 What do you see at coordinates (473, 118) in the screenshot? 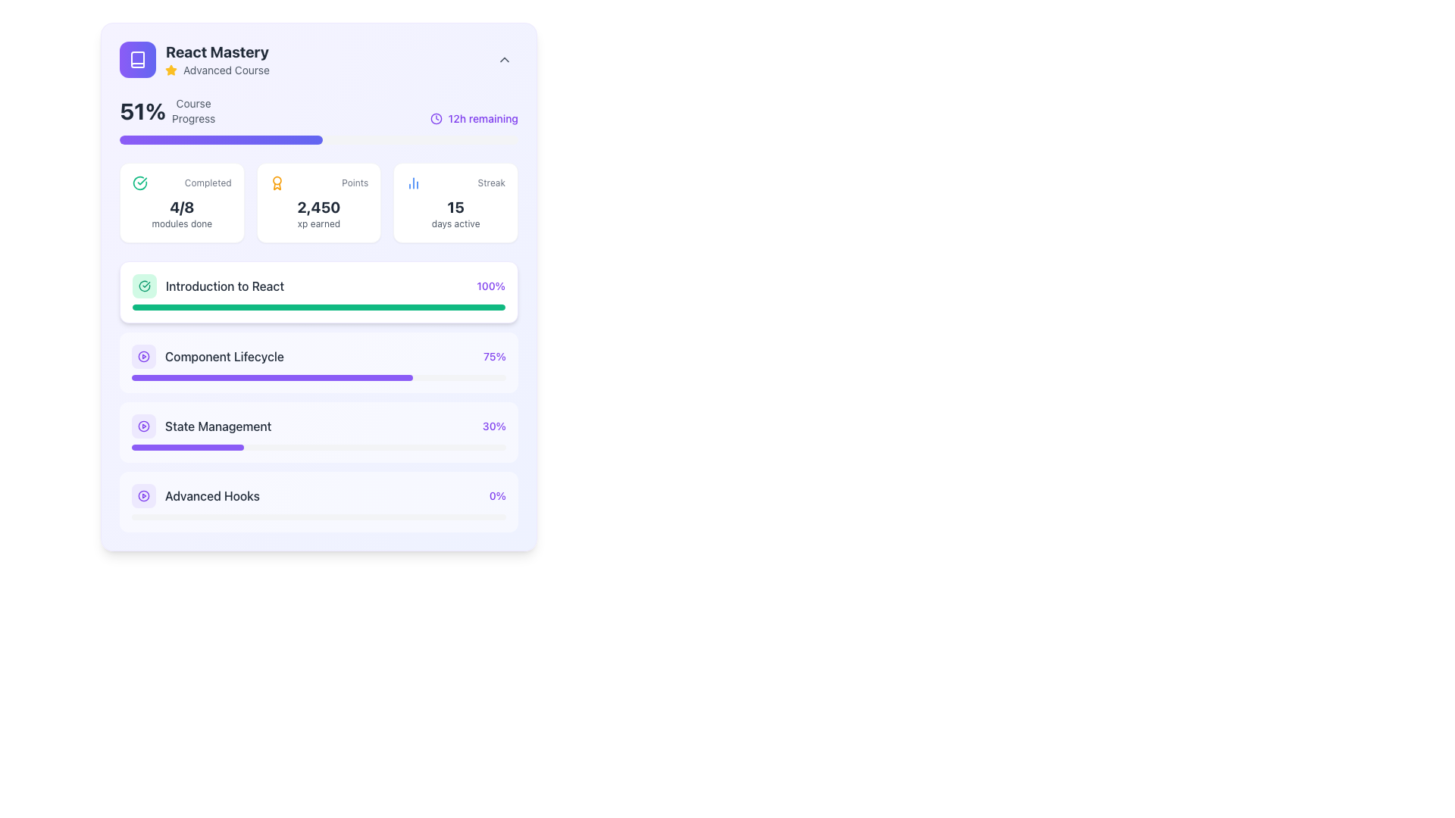
I see `the informational label that displays the remaining time for a task or event, located to the top-right of the course progress component and aligned to the right of the '51%' completion text` at bounding box center [473, 118].